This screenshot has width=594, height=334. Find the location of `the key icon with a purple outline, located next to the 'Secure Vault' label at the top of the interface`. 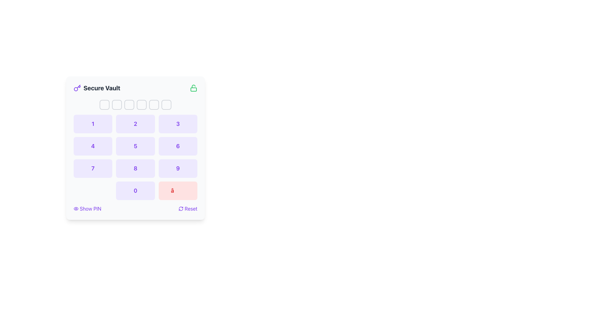

the key icon with a purple outline, located next to the 'Secure Vault' label at the top of the interface is located at coordinates (77, 88).